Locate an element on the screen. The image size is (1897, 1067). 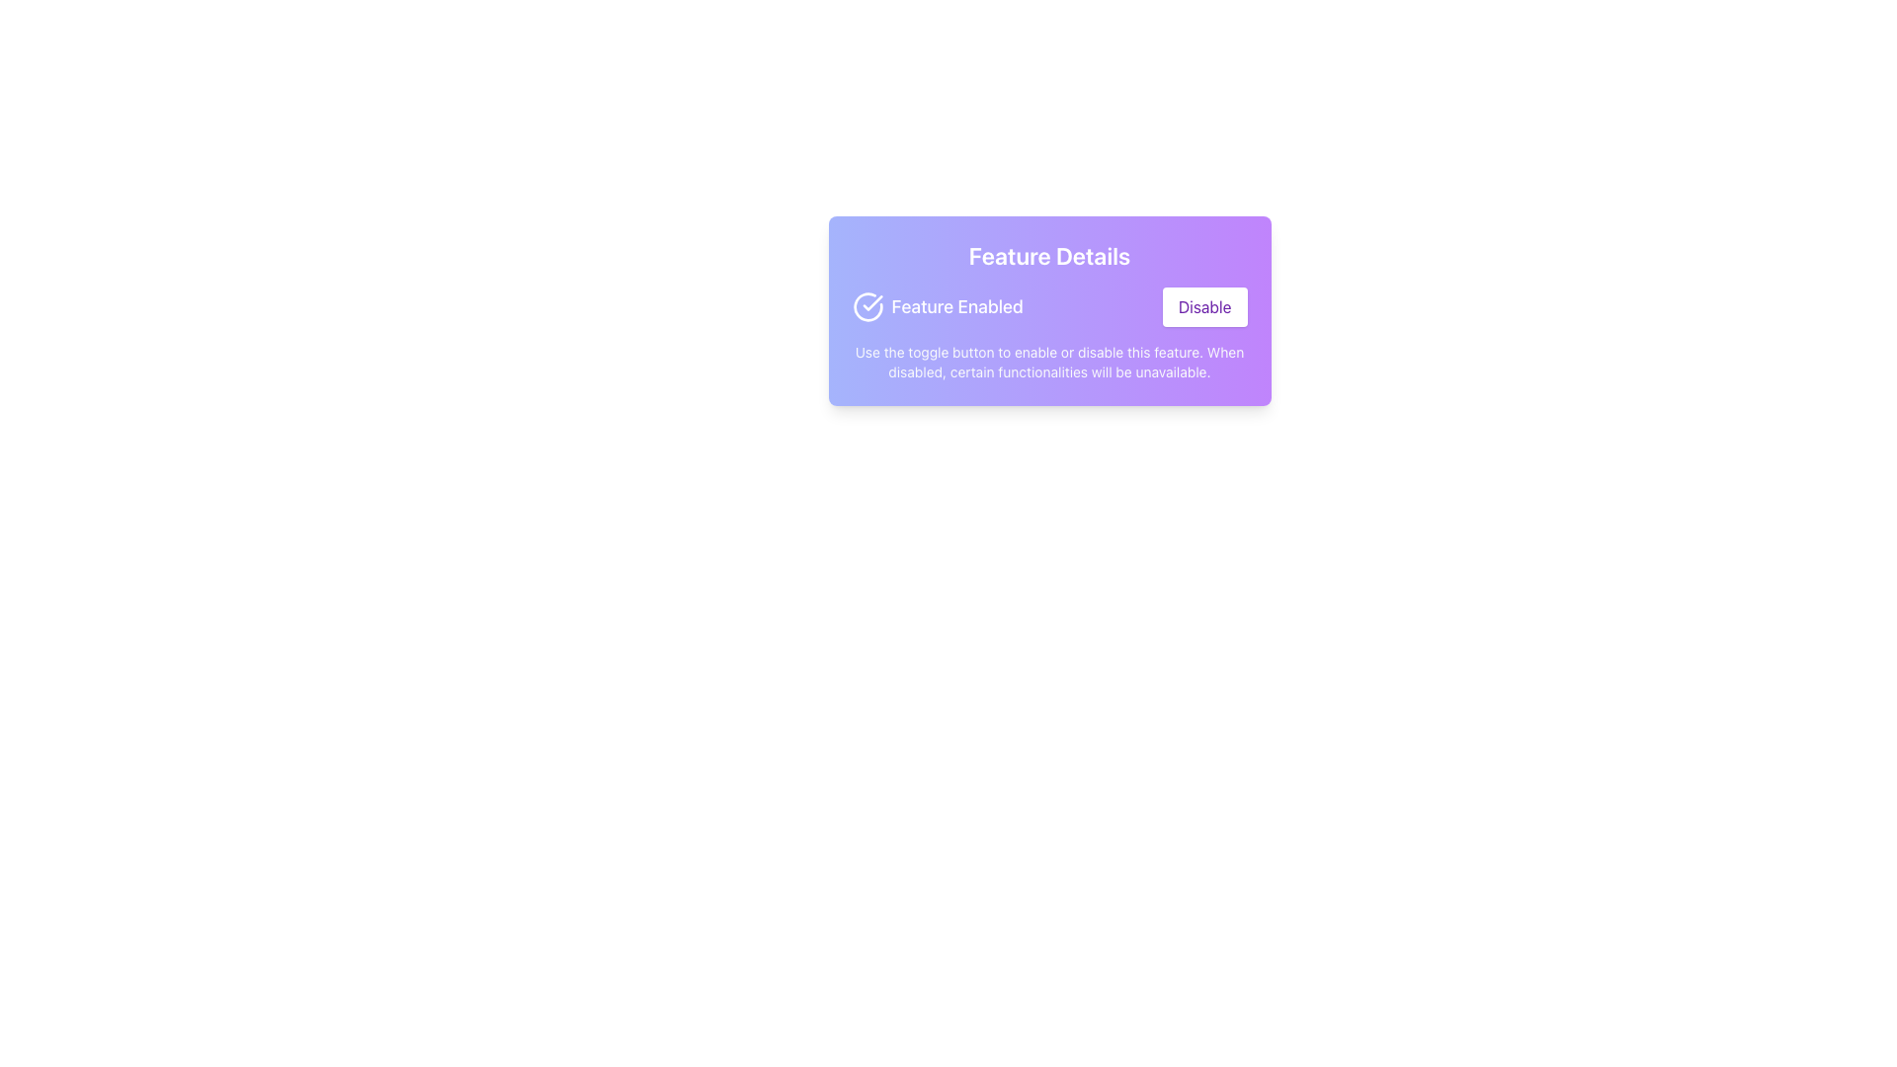
textual description of steps to toggle a feature, which is styled in a small gray font and is located in the third section of the card titled 'Feature Details' is located at coordinates (1048, 362).